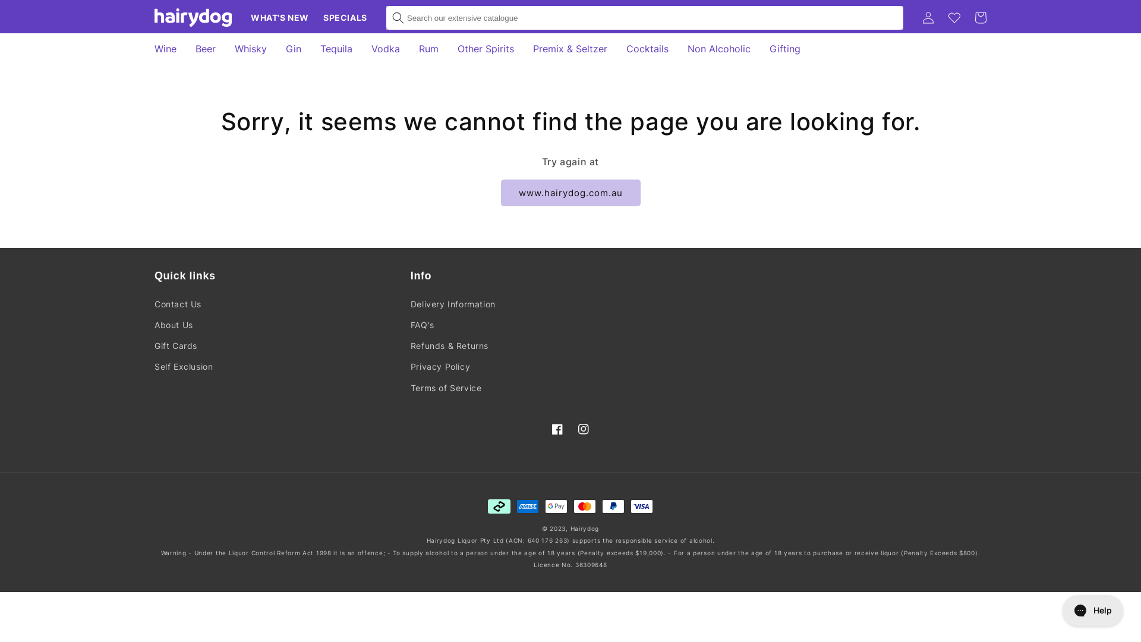 The image size is (1141, 642). Describe the element at coordinates (182, 366) in the screenshot. I see `'Self Exclusion'` at that location.